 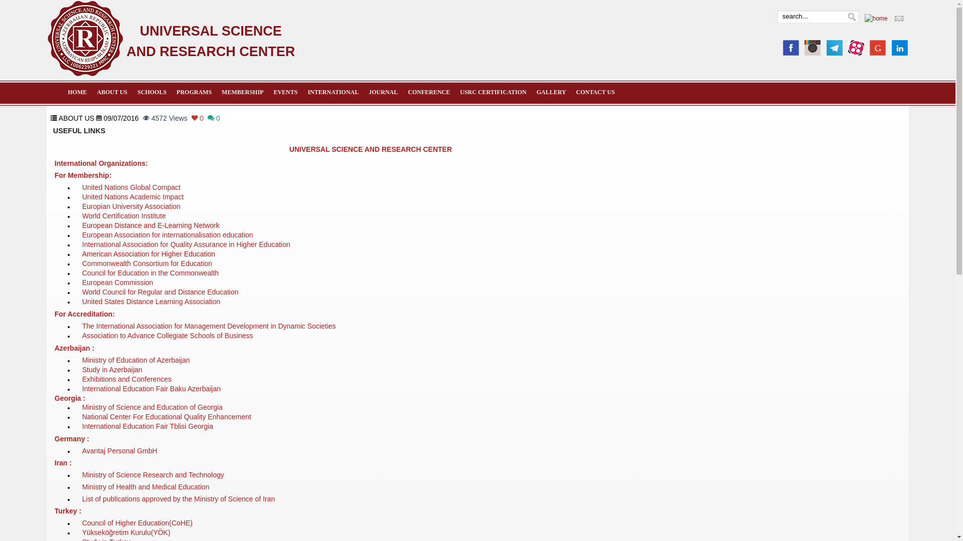 I want to click on 'Study in Azerbaijan', so click(x=82, y=370).